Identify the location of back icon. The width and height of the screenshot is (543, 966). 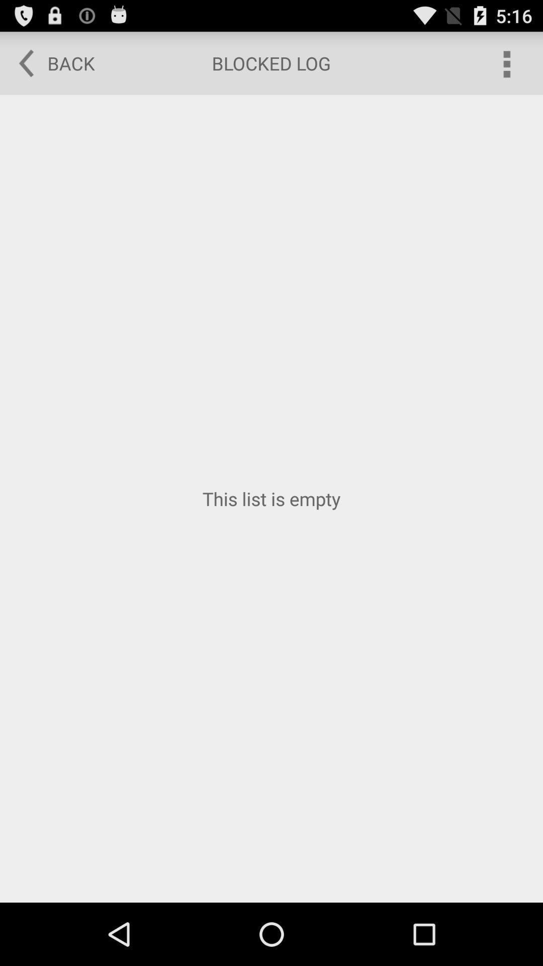
(50, 62).